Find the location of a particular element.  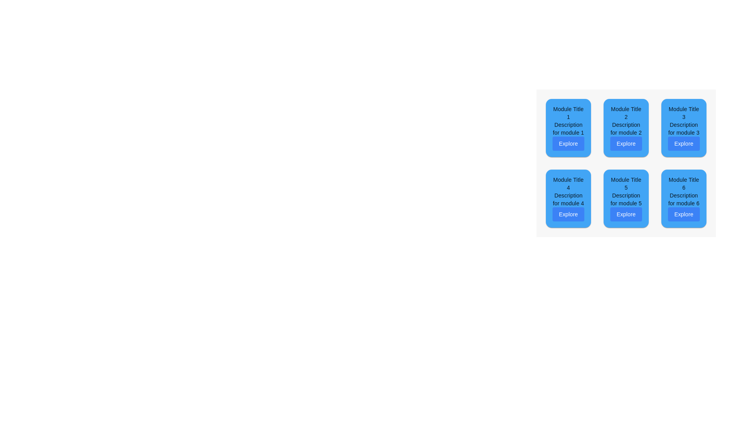

the text label displaying 'Module Title 1', which is styled as a bold header within its module card is located at coordinates (568, 113).